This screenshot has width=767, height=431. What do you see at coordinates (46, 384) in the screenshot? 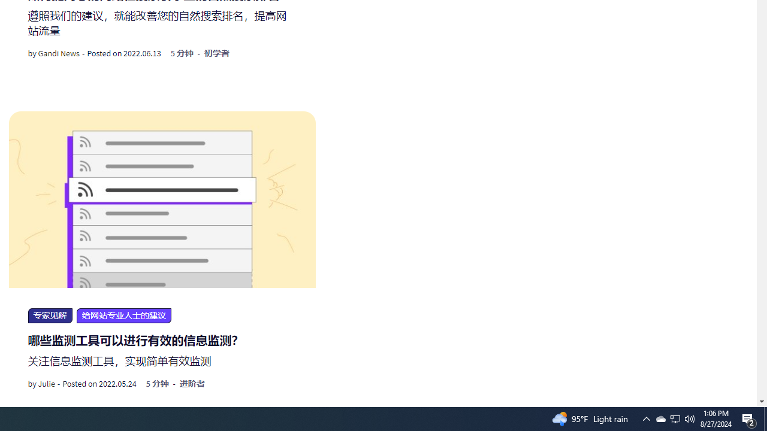
I see `'Julie'` at bounding box center [46, 384].